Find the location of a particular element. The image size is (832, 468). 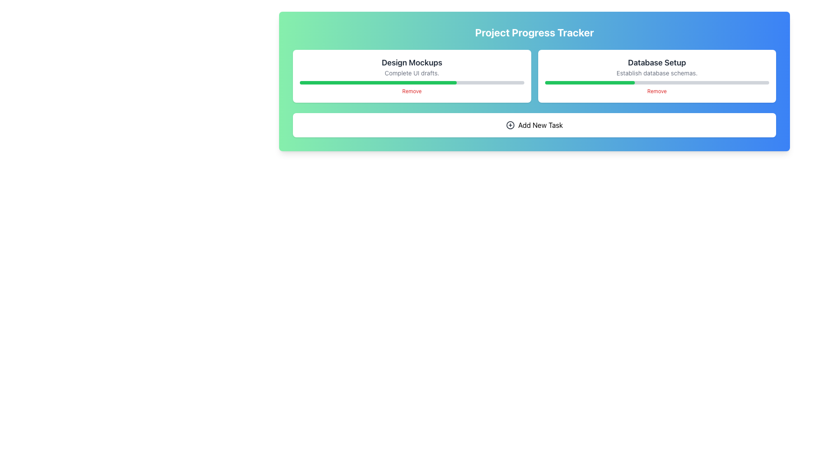

the red text label 'Remove' located in the Database Setup section is located at coordinates (657, 91).